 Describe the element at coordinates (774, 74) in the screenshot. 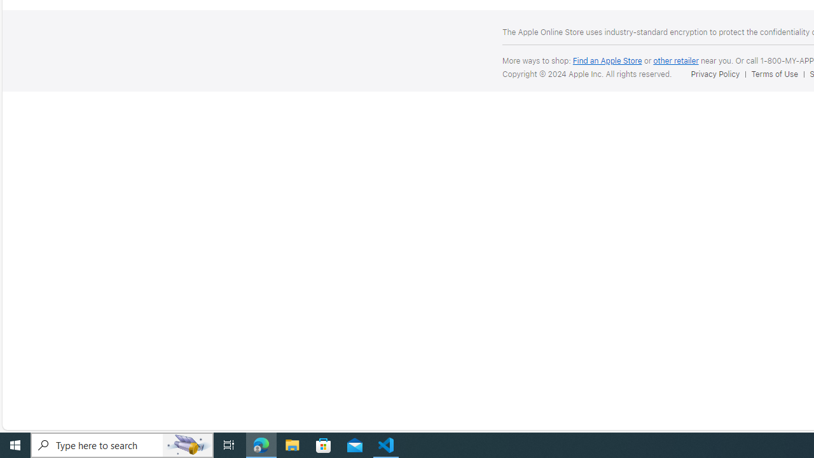

I see `'Terms of Use'` at that location.